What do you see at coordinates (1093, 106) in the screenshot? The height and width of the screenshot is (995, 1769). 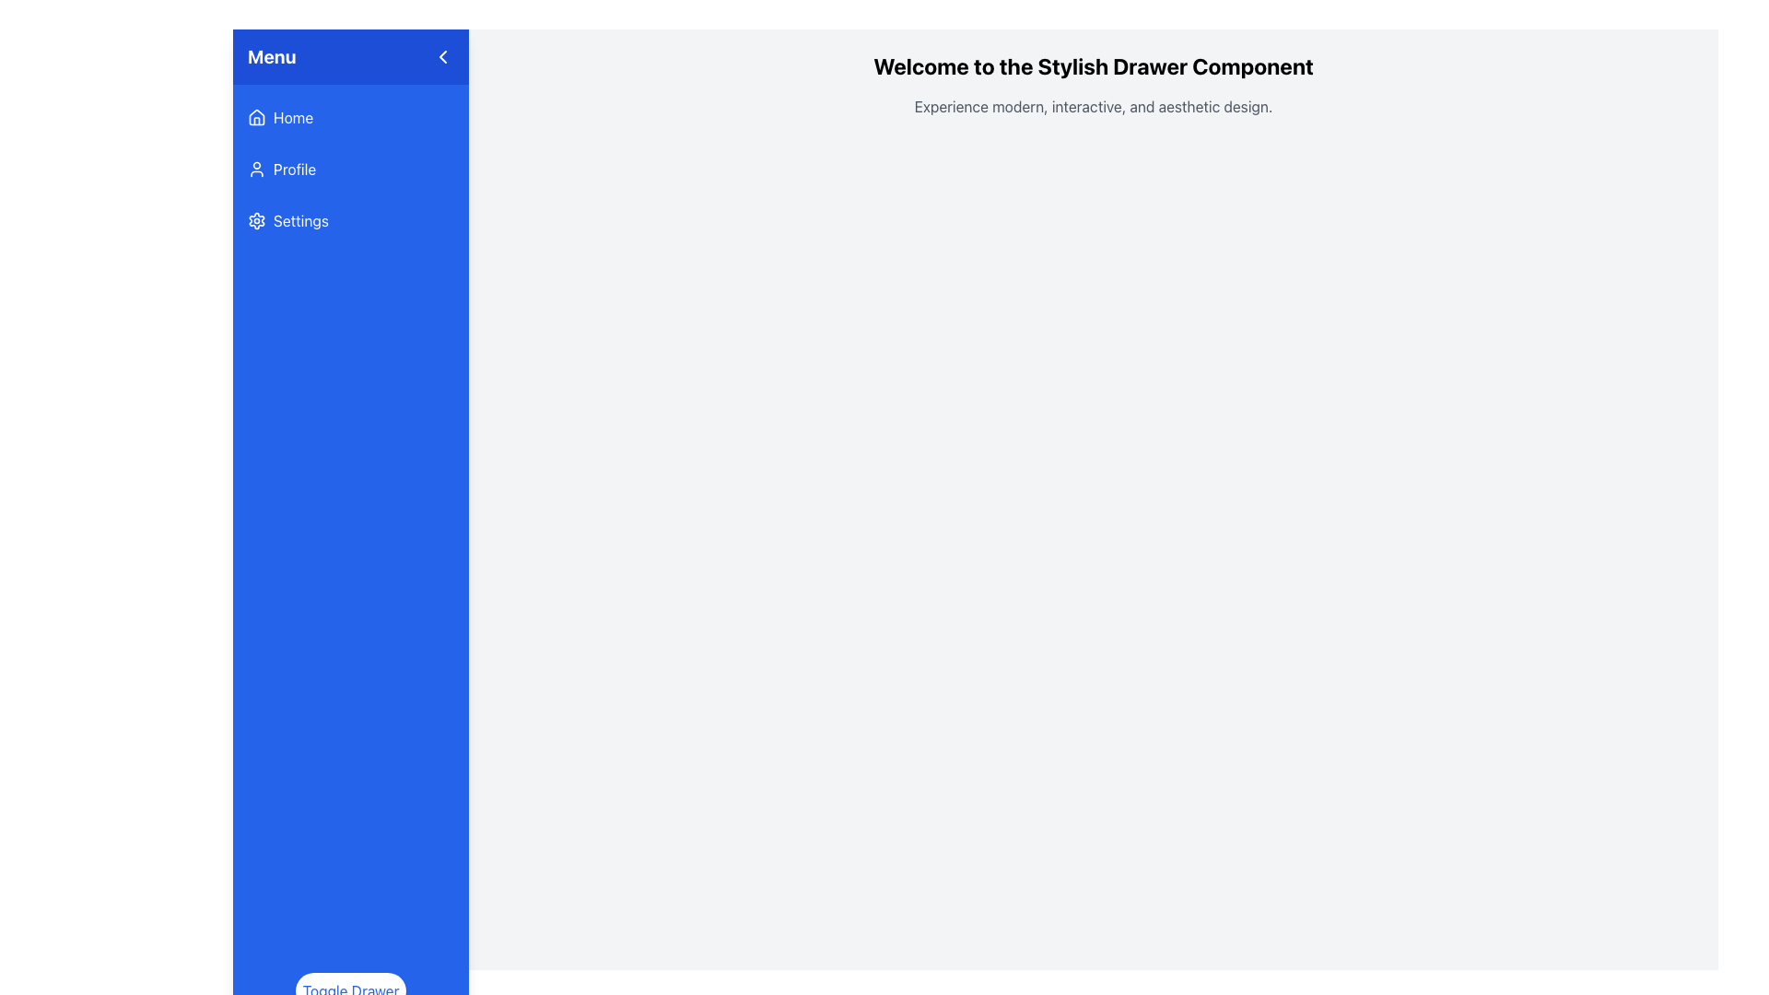 I see `text displayed in the gray font: 'Experience modern, interactive, and aesthetic design.' which is located below the heading 'Welcome to the Stylish Drawer Component.'` at bounding box center [1093, 106].